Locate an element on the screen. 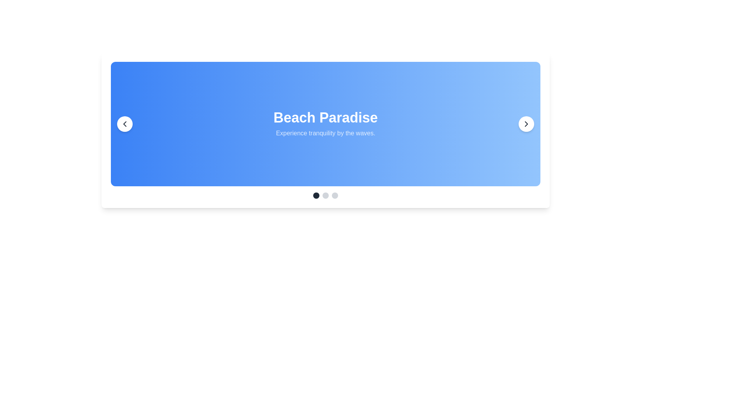 This screenshot has width=747, height=420. the chevron left icon inside the left navigation button of the carousel is located at coordinates (125, 124).